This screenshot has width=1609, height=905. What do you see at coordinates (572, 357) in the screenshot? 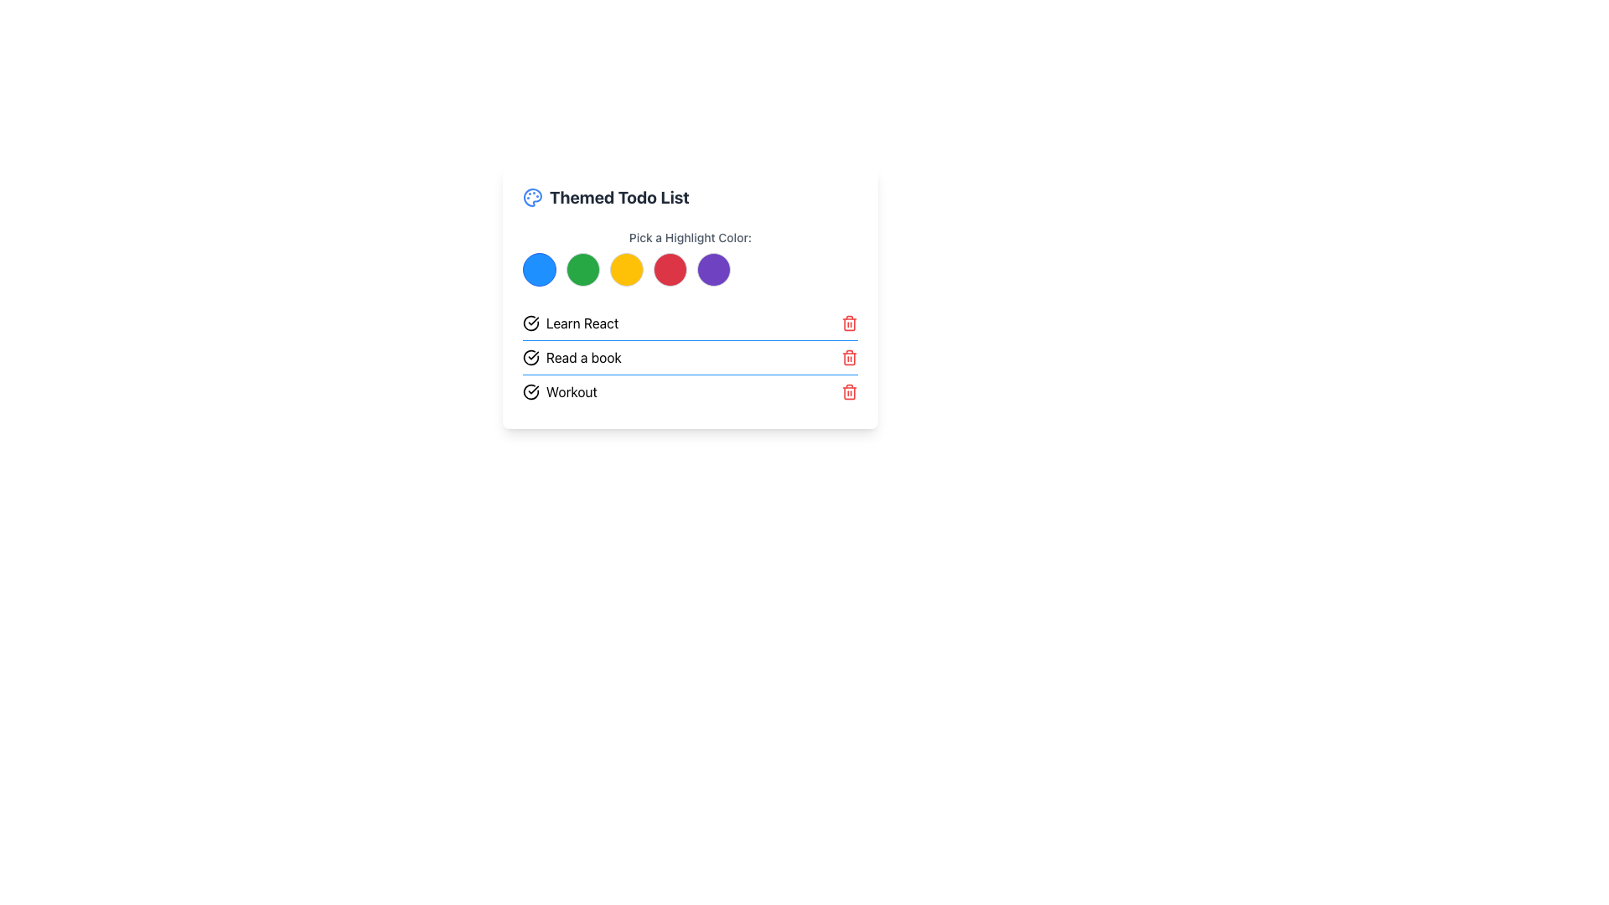
I see `the second list item labeled 'Read a book' with a checkmark icon in the 'Themed Todo List' section` at bounding box center [572, 357].